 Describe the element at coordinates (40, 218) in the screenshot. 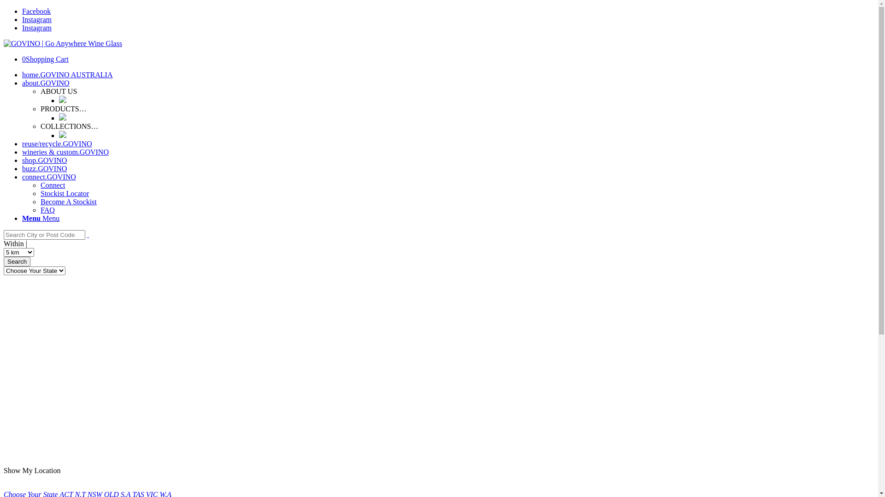

I see `'Menu Menu'` at that location.